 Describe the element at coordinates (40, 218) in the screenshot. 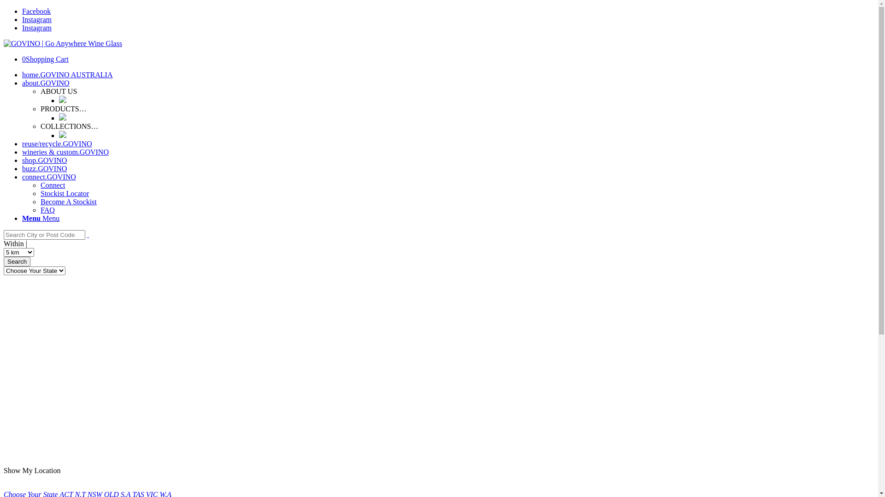

I see `'Menu Menu'` at that location.